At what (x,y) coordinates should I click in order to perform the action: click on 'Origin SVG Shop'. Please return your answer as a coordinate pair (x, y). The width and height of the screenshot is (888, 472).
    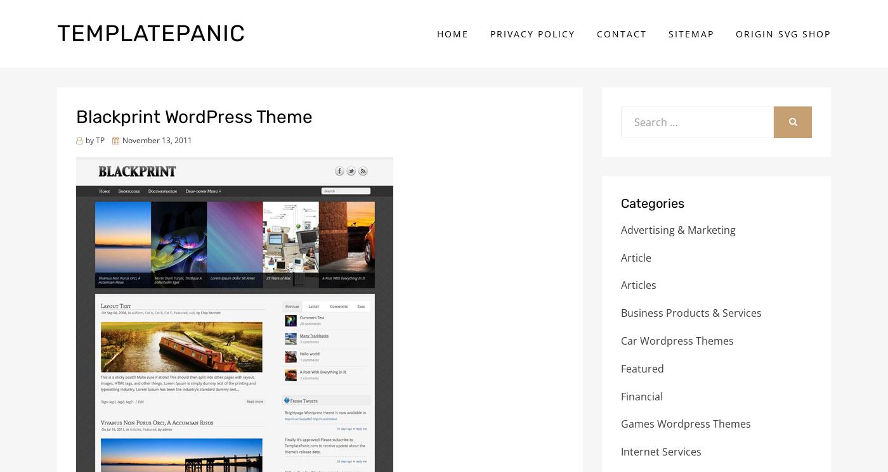
    Looking at the image, I should click on (783, 32).